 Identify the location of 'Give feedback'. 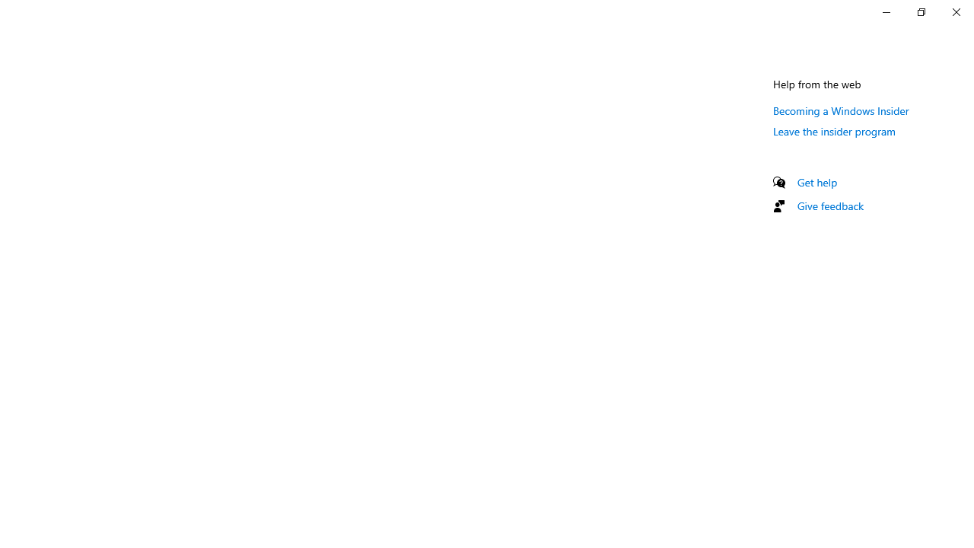
(829, 205).